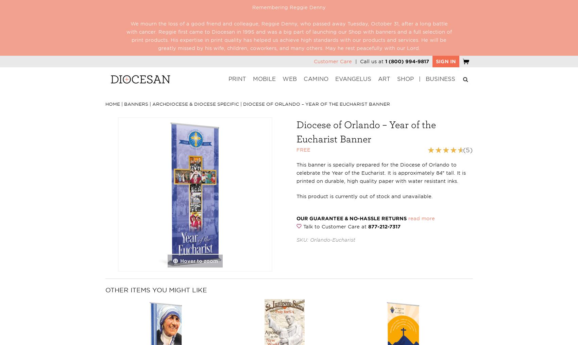 The height and width of the screenshot is (345, 578). What do you see at coordinates (136, 104) in the screenshot?
I see `'Banners'` at bounding box center [136, 104].